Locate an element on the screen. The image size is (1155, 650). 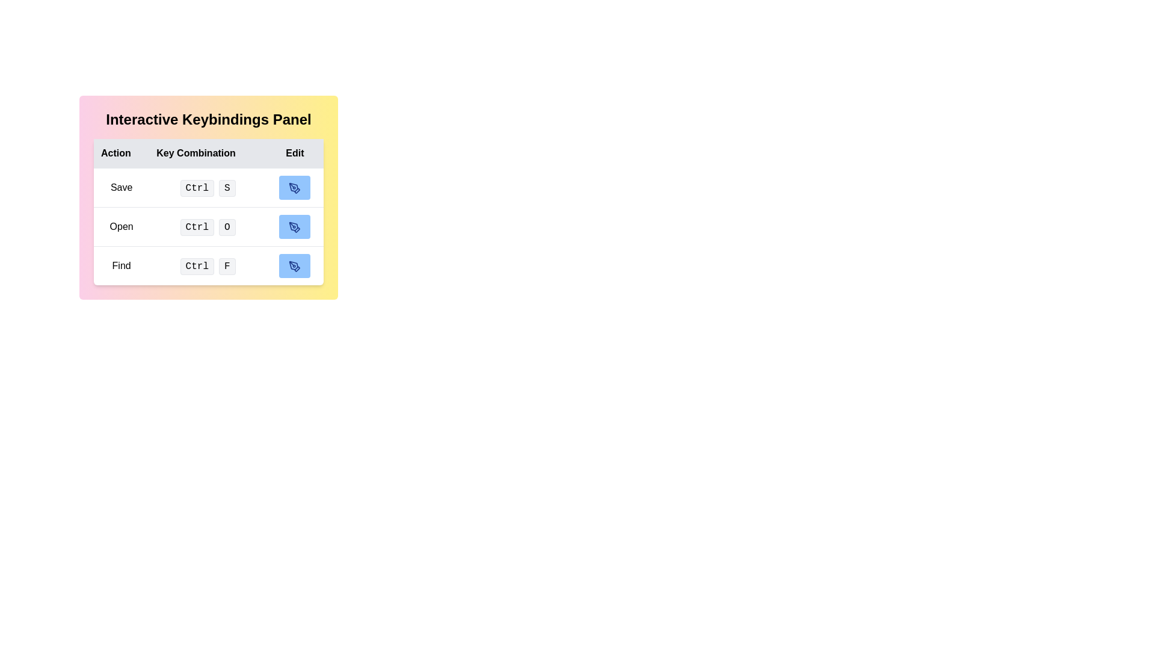
the button for initiating the edit action for the 'Find' keybinding is located at coordinates (295, 265).